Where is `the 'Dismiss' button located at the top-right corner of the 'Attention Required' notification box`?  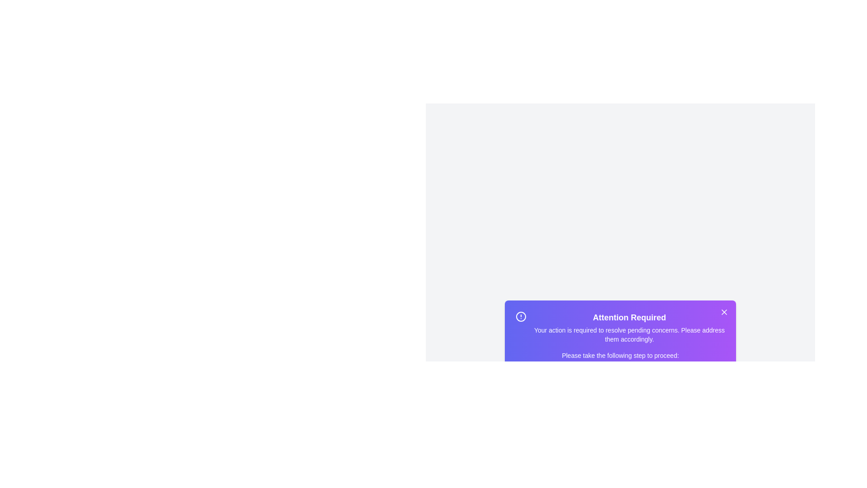 the 'Dismiss' button located at the top-right corner of the 'Attention Required' notification box is located at coordinates (724, 311).